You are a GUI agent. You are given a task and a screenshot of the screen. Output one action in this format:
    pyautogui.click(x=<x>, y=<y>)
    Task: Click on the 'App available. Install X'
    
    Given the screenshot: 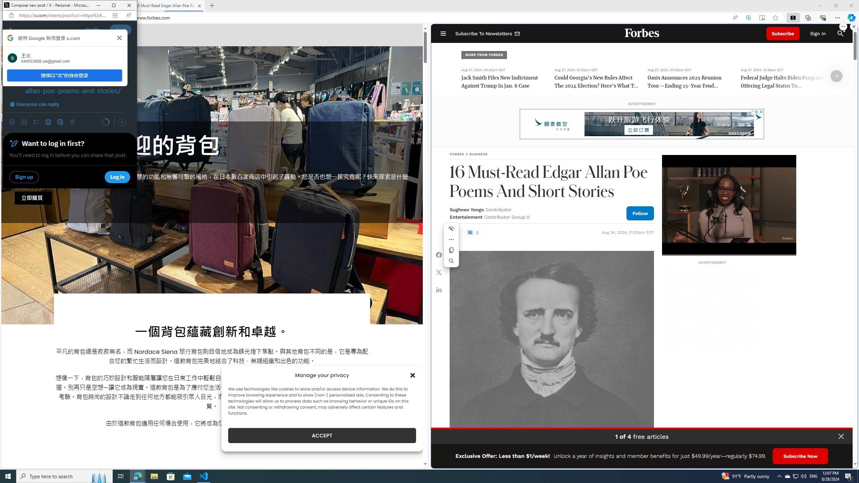 What is the action you would take?
    pyautogui.click(x=115, y=15)
    